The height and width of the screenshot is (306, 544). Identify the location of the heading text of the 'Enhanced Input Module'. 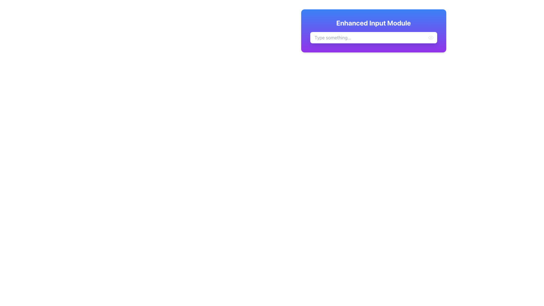
(373, 31).